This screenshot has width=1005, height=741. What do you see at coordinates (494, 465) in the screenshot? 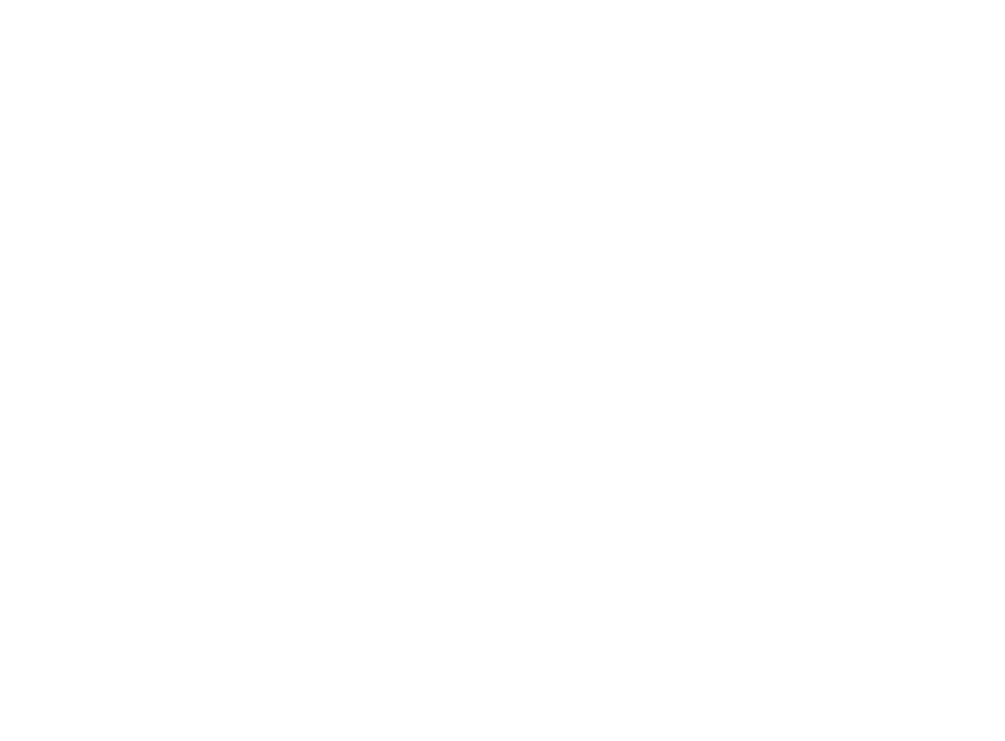
I see `'As part of the Sunday morning worship service, Duke will broadcast the sermon live on'` at bounding box center [494, 465].